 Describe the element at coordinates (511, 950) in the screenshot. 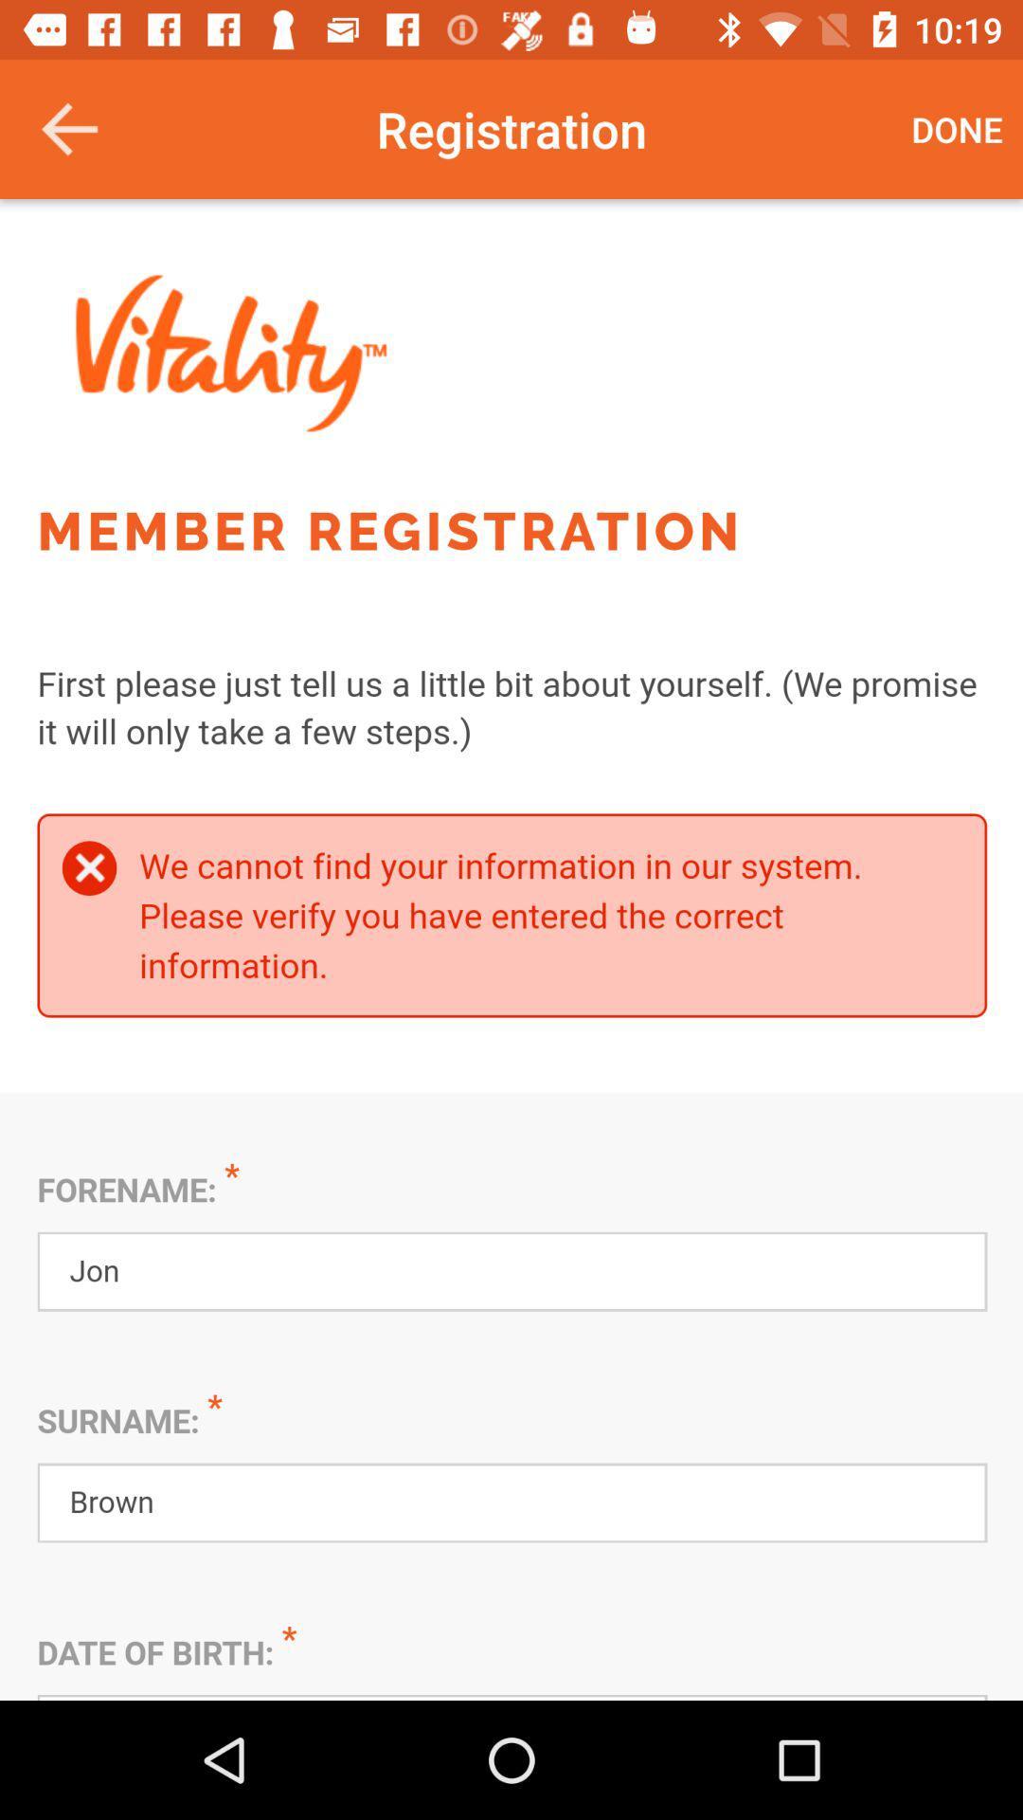

I see `registration page` at that location.